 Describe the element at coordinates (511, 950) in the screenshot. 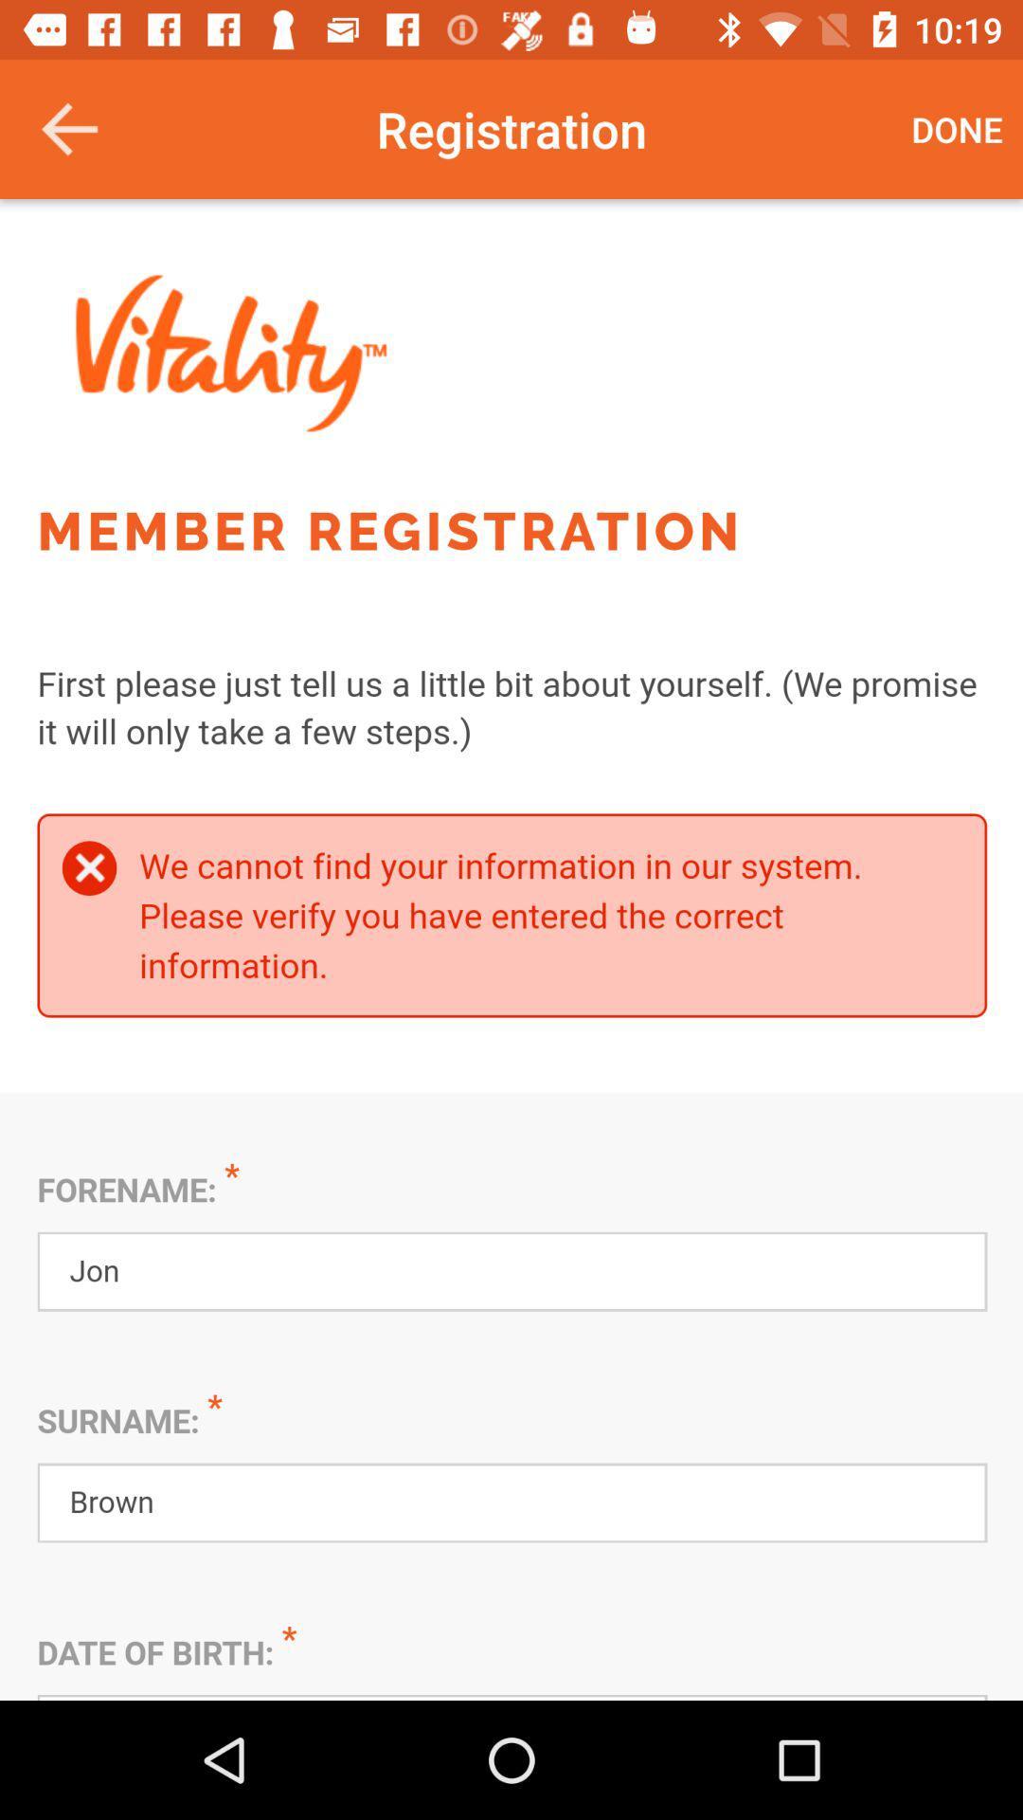

I see `registration page` at that location.